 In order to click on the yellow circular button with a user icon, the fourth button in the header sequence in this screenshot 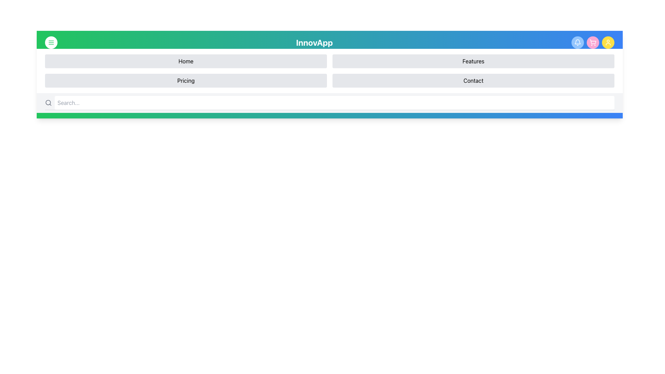, I will do `click(608, 43)`.